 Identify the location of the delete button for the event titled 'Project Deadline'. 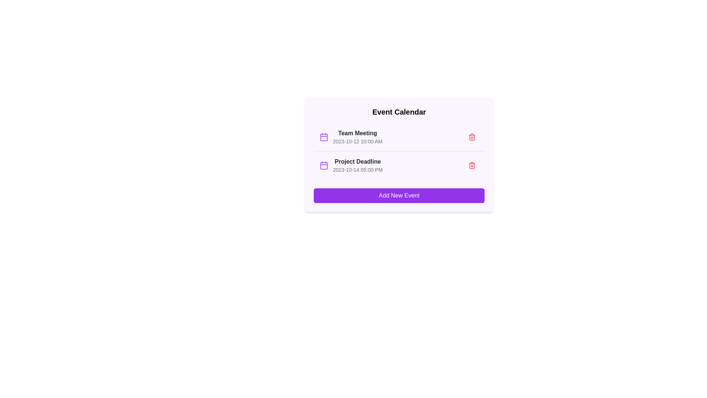
(472, 165).